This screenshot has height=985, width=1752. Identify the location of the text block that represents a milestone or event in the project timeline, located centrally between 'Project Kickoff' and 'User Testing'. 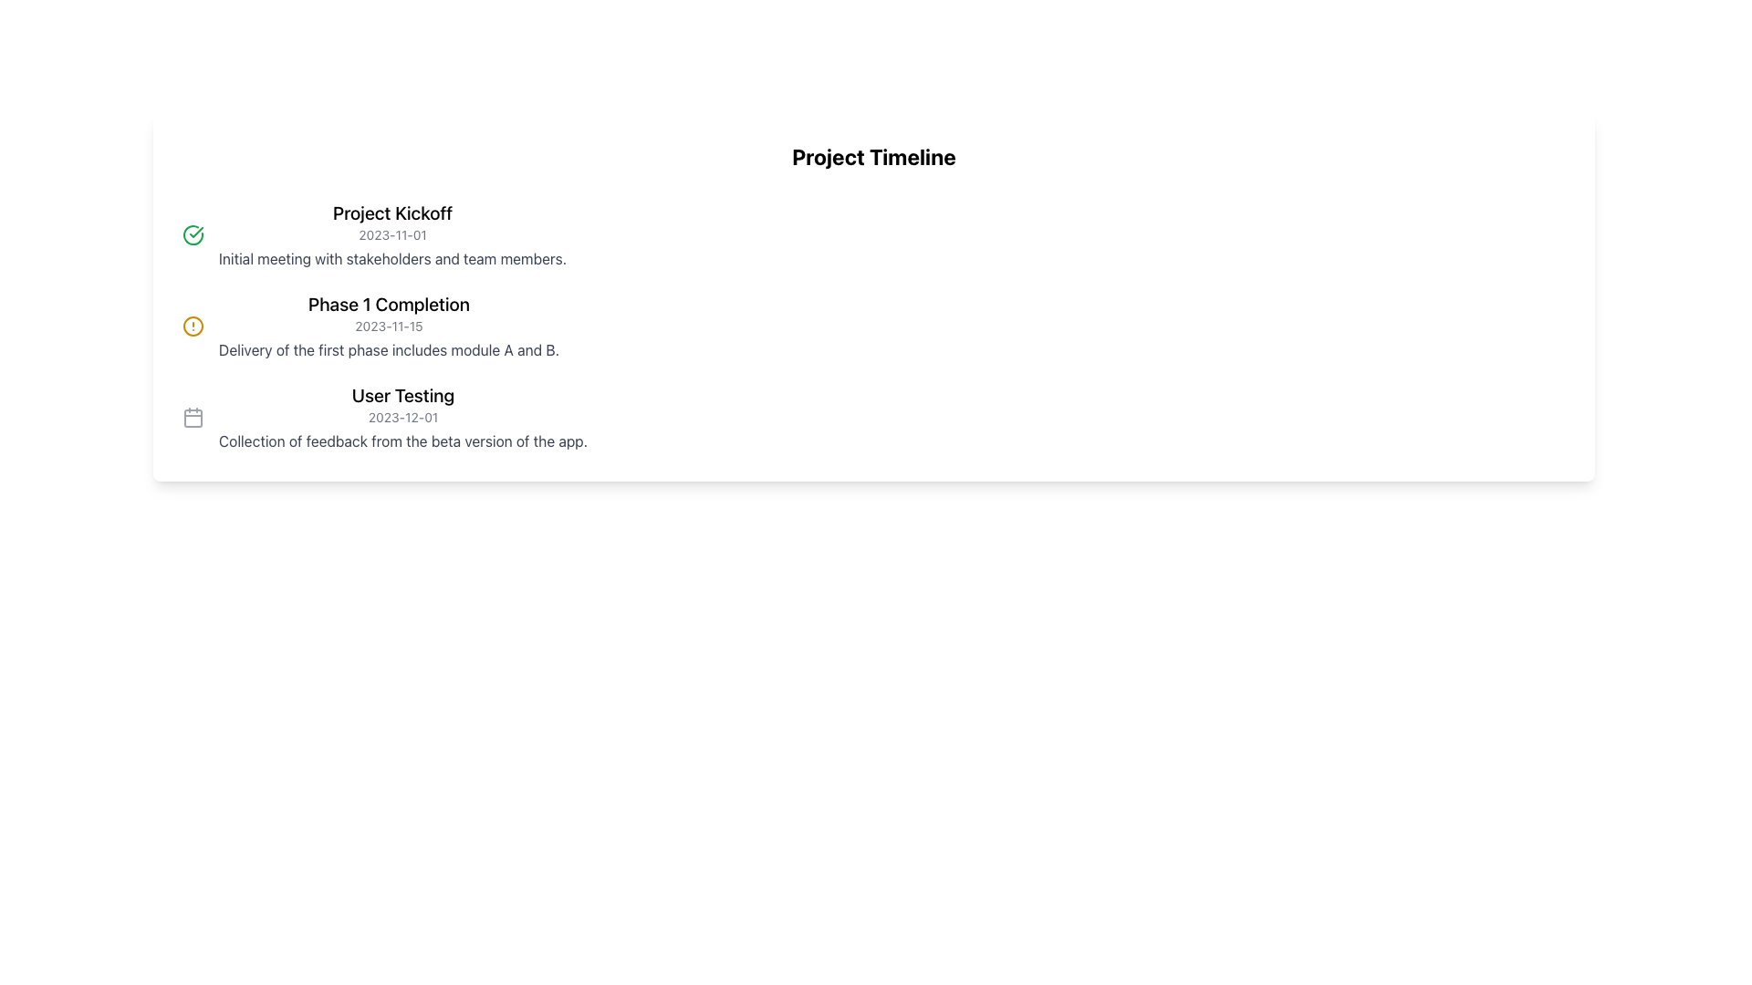
(388, 326).